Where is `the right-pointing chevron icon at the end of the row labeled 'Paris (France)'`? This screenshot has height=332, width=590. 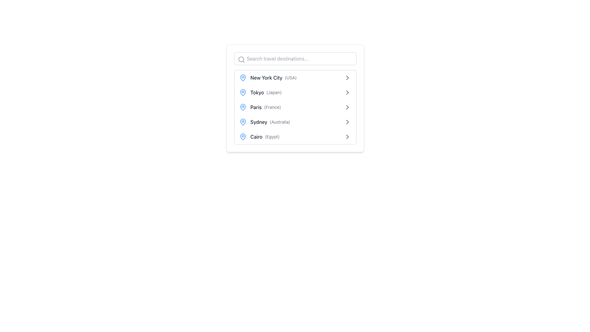
the right-pointing chevron icon at the end of the row labeled 'Paris (France)' is located at coordinates (348, 107).